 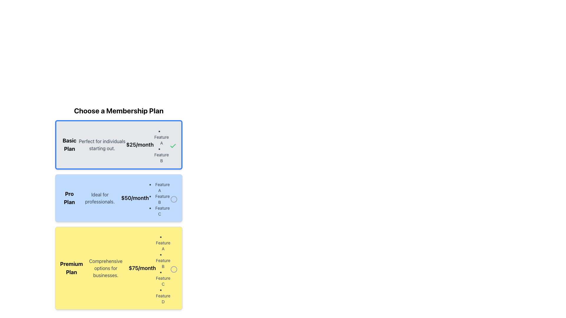 What do you see at coordinates (135, 198) in the screenshot?
I see `the Text Label displaying the subscription price '$50/month', which is prominently featured in bold font within the Pro Plan card, located below the phrase 'Ideal for professionals.'` at bounding box center [135, 198].